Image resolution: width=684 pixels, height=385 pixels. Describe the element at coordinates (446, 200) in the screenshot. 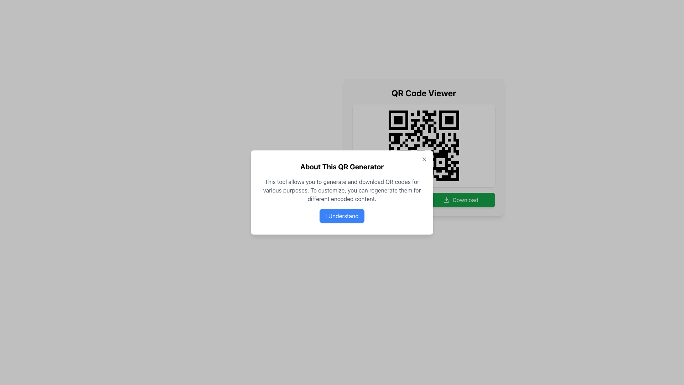

I see `the green button labeled 'Download' that contains a downward arrow icon, which is centrally positioned within the button` at that location.